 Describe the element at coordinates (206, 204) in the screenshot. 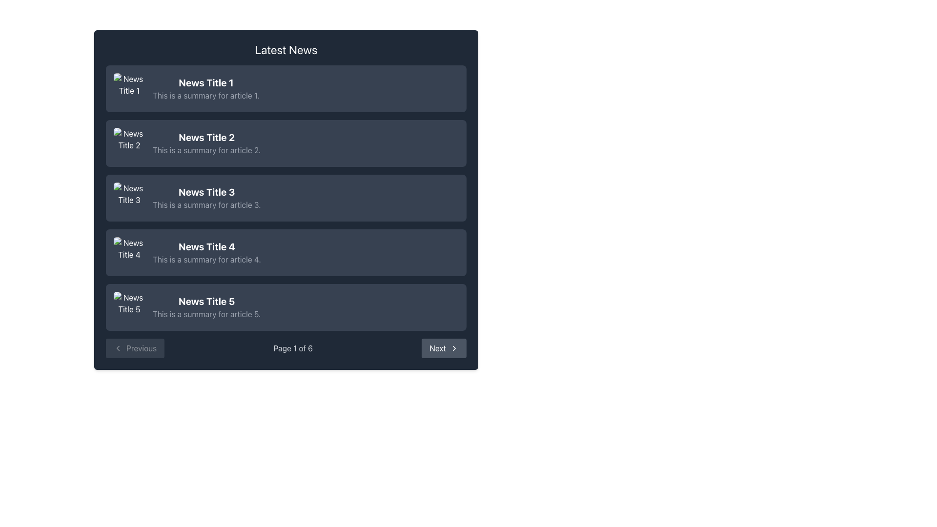

I see `the Textbox that summarizes the content of the related news article, located below the heading 'News Title 3'` at that location.